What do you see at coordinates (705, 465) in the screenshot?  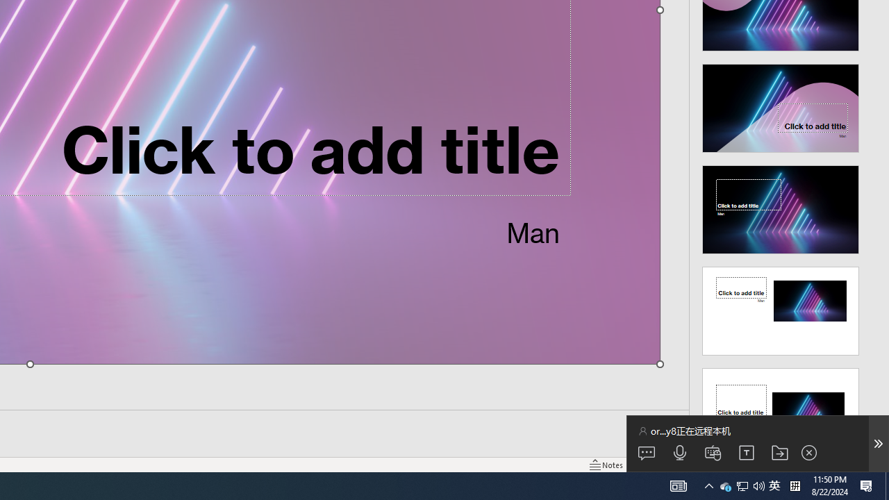 I see `'Reading View'` at bounding box center [705, 465].